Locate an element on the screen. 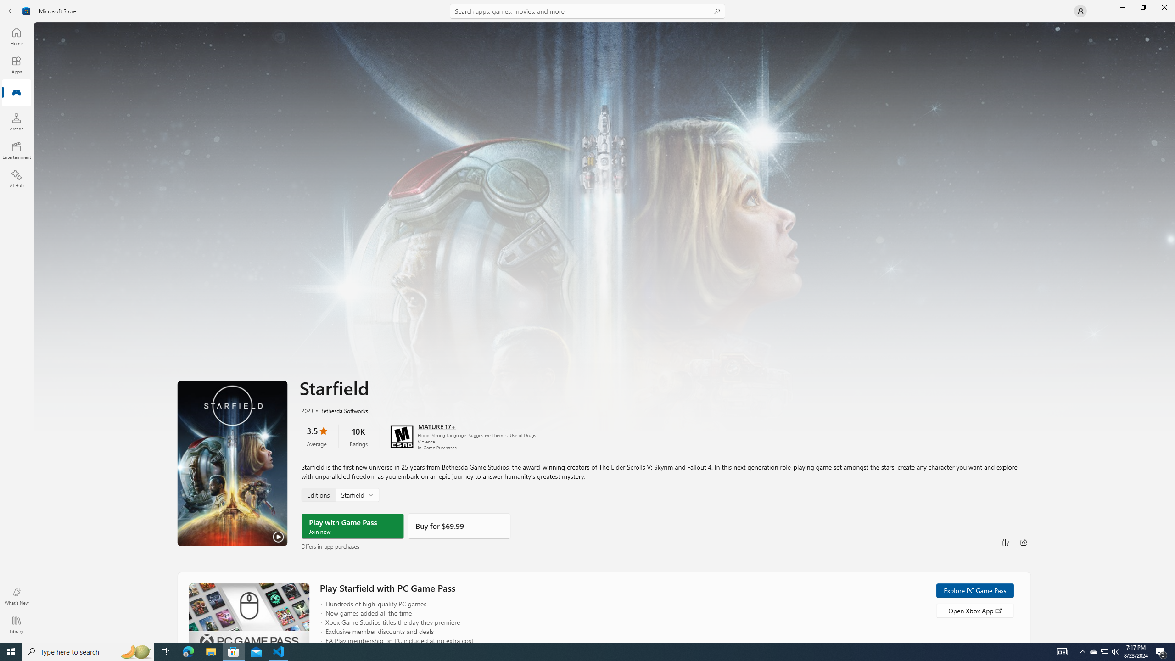  'Buy as gift' is located at coordinates (1005, 541).